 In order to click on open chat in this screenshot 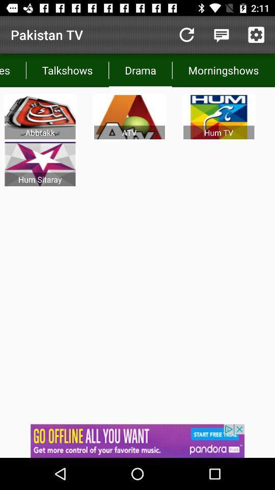, I will do `click(221, 35)`.